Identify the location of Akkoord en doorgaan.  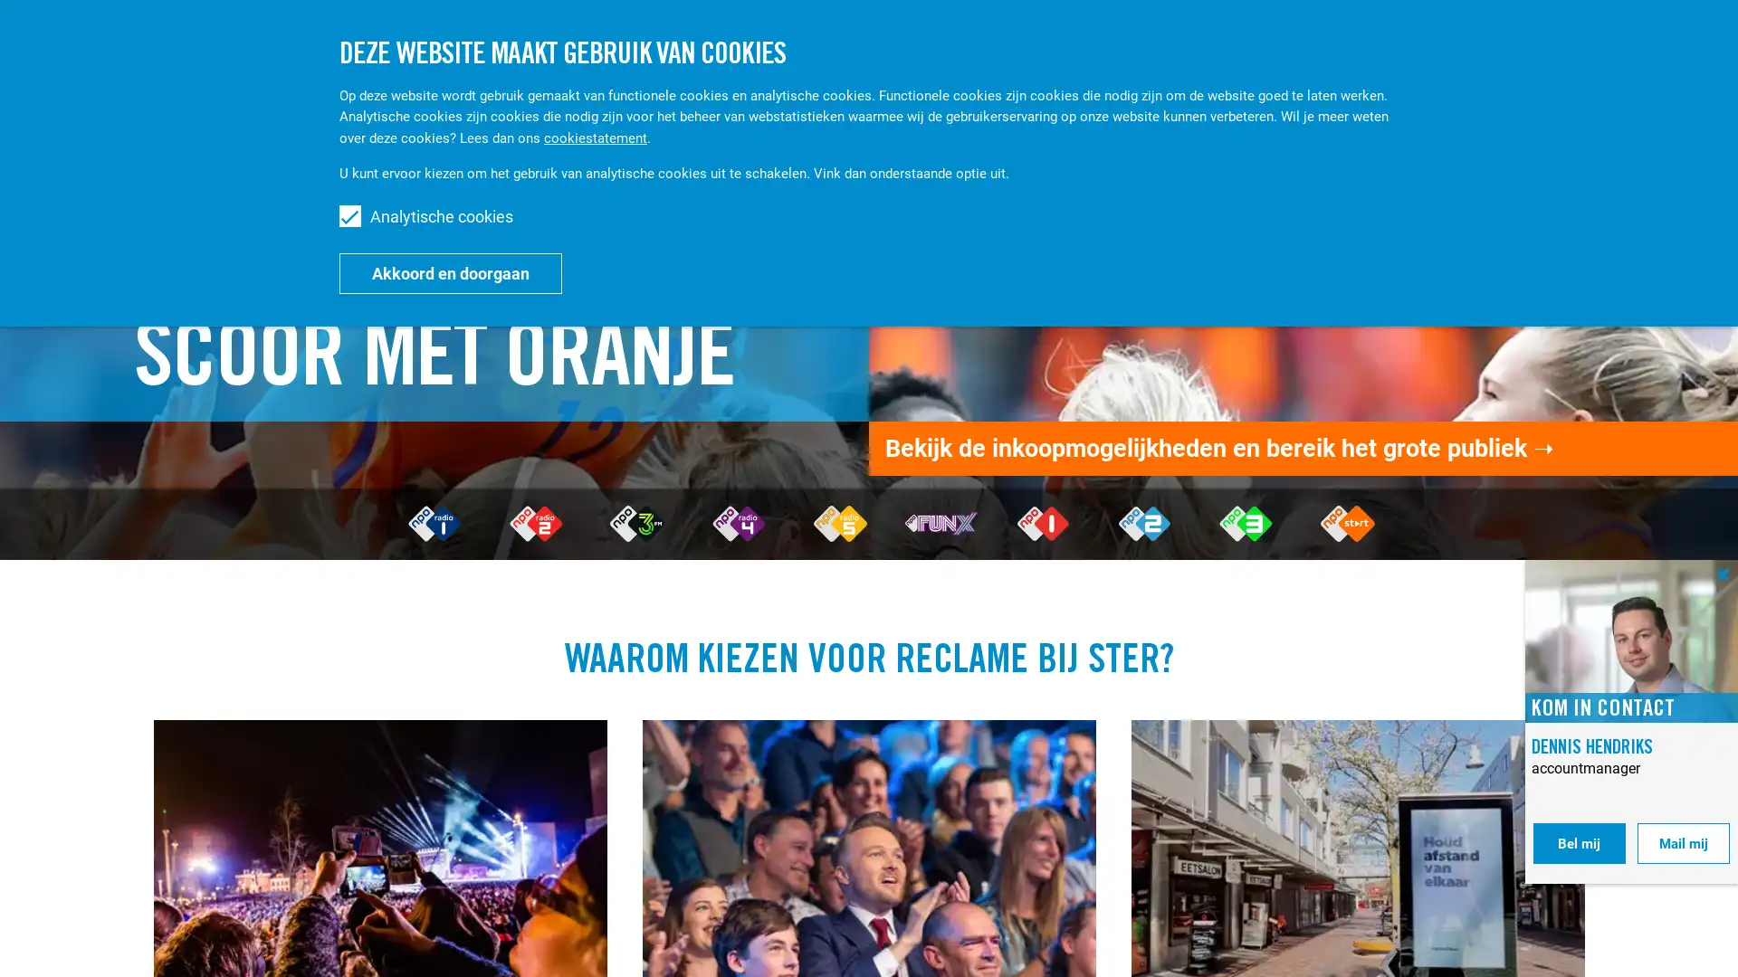
(451, 272).